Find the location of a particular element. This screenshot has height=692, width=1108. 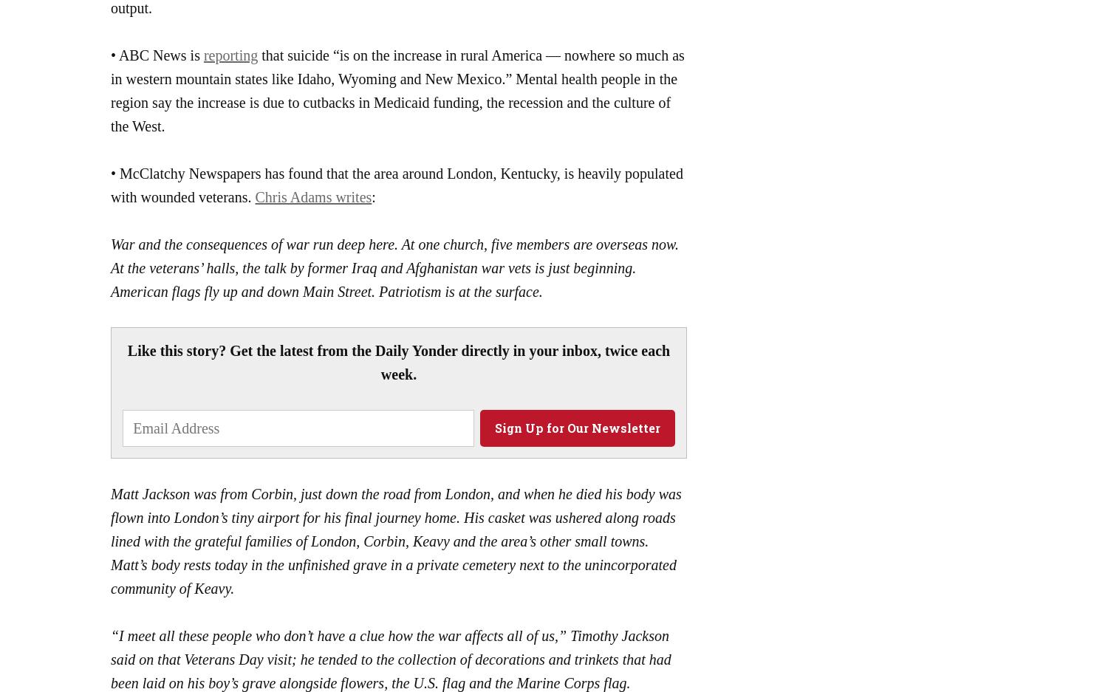

'Chris Adams writes' is located at coordinates (313, 196).